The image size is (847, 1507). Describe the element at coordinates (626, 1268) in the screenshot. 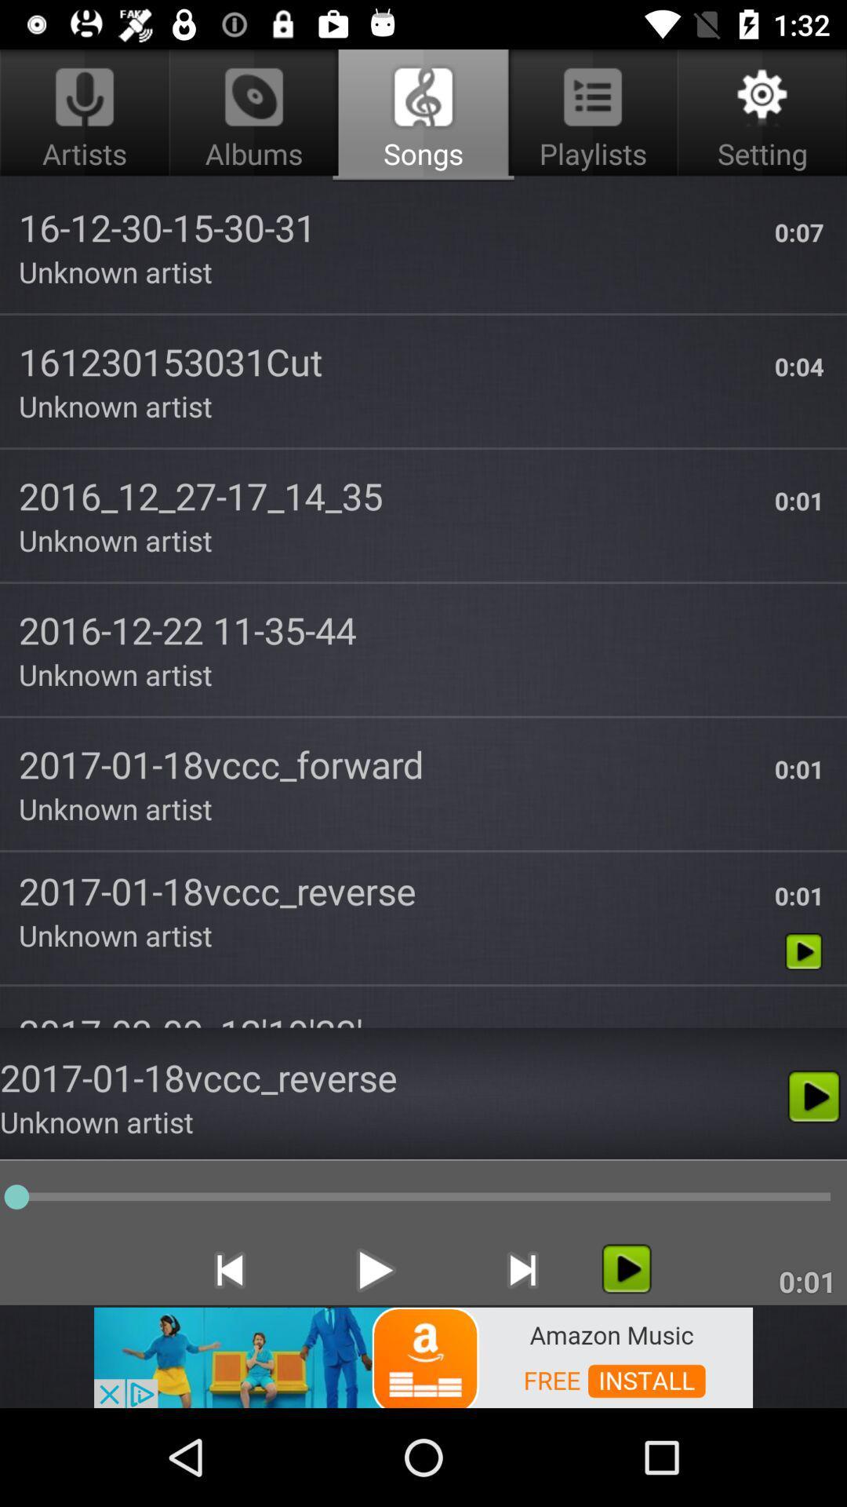

I see `the play icon` at that location.